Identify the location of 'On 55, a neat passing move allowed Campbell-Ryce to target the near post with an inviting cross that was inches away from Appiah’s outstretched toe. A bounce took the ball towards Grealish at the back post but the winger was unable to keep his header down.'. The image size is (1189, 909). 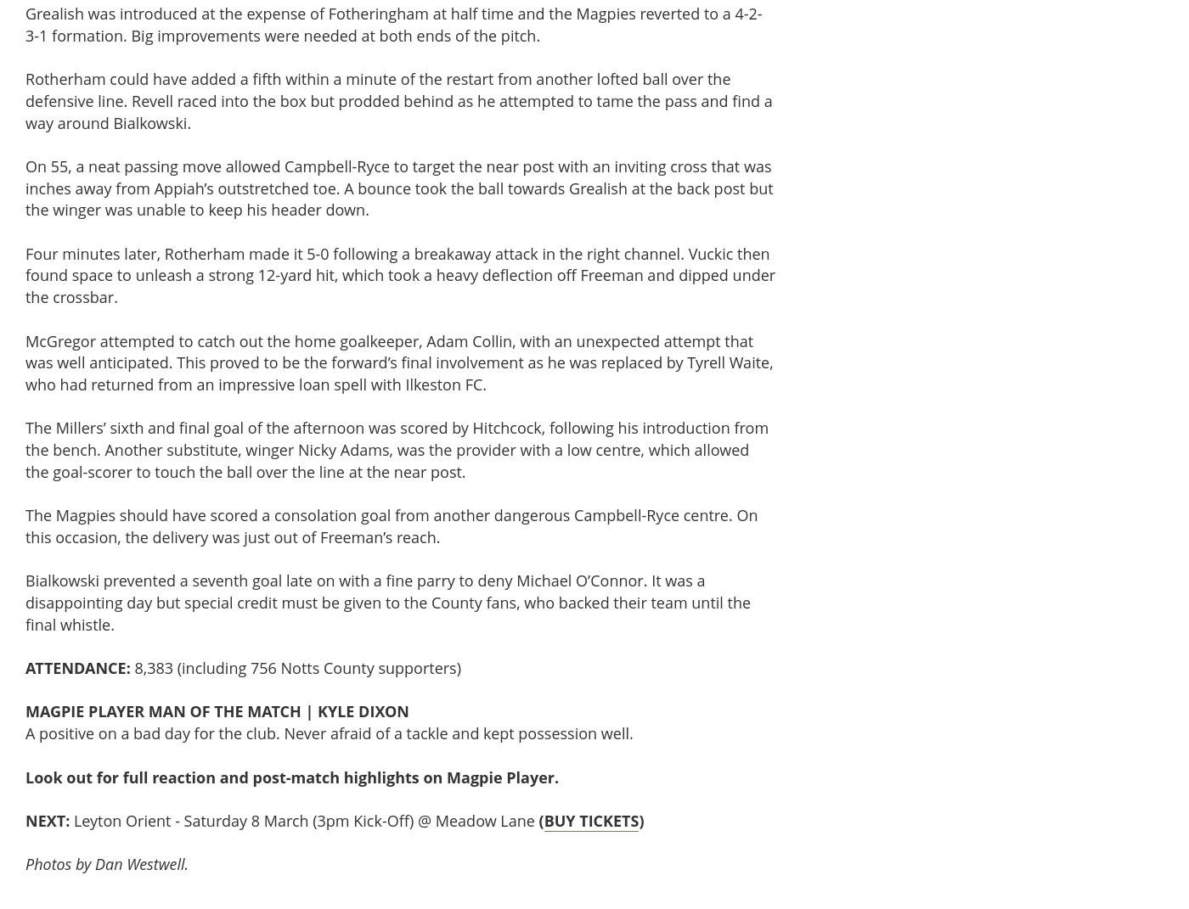
(24, 186).